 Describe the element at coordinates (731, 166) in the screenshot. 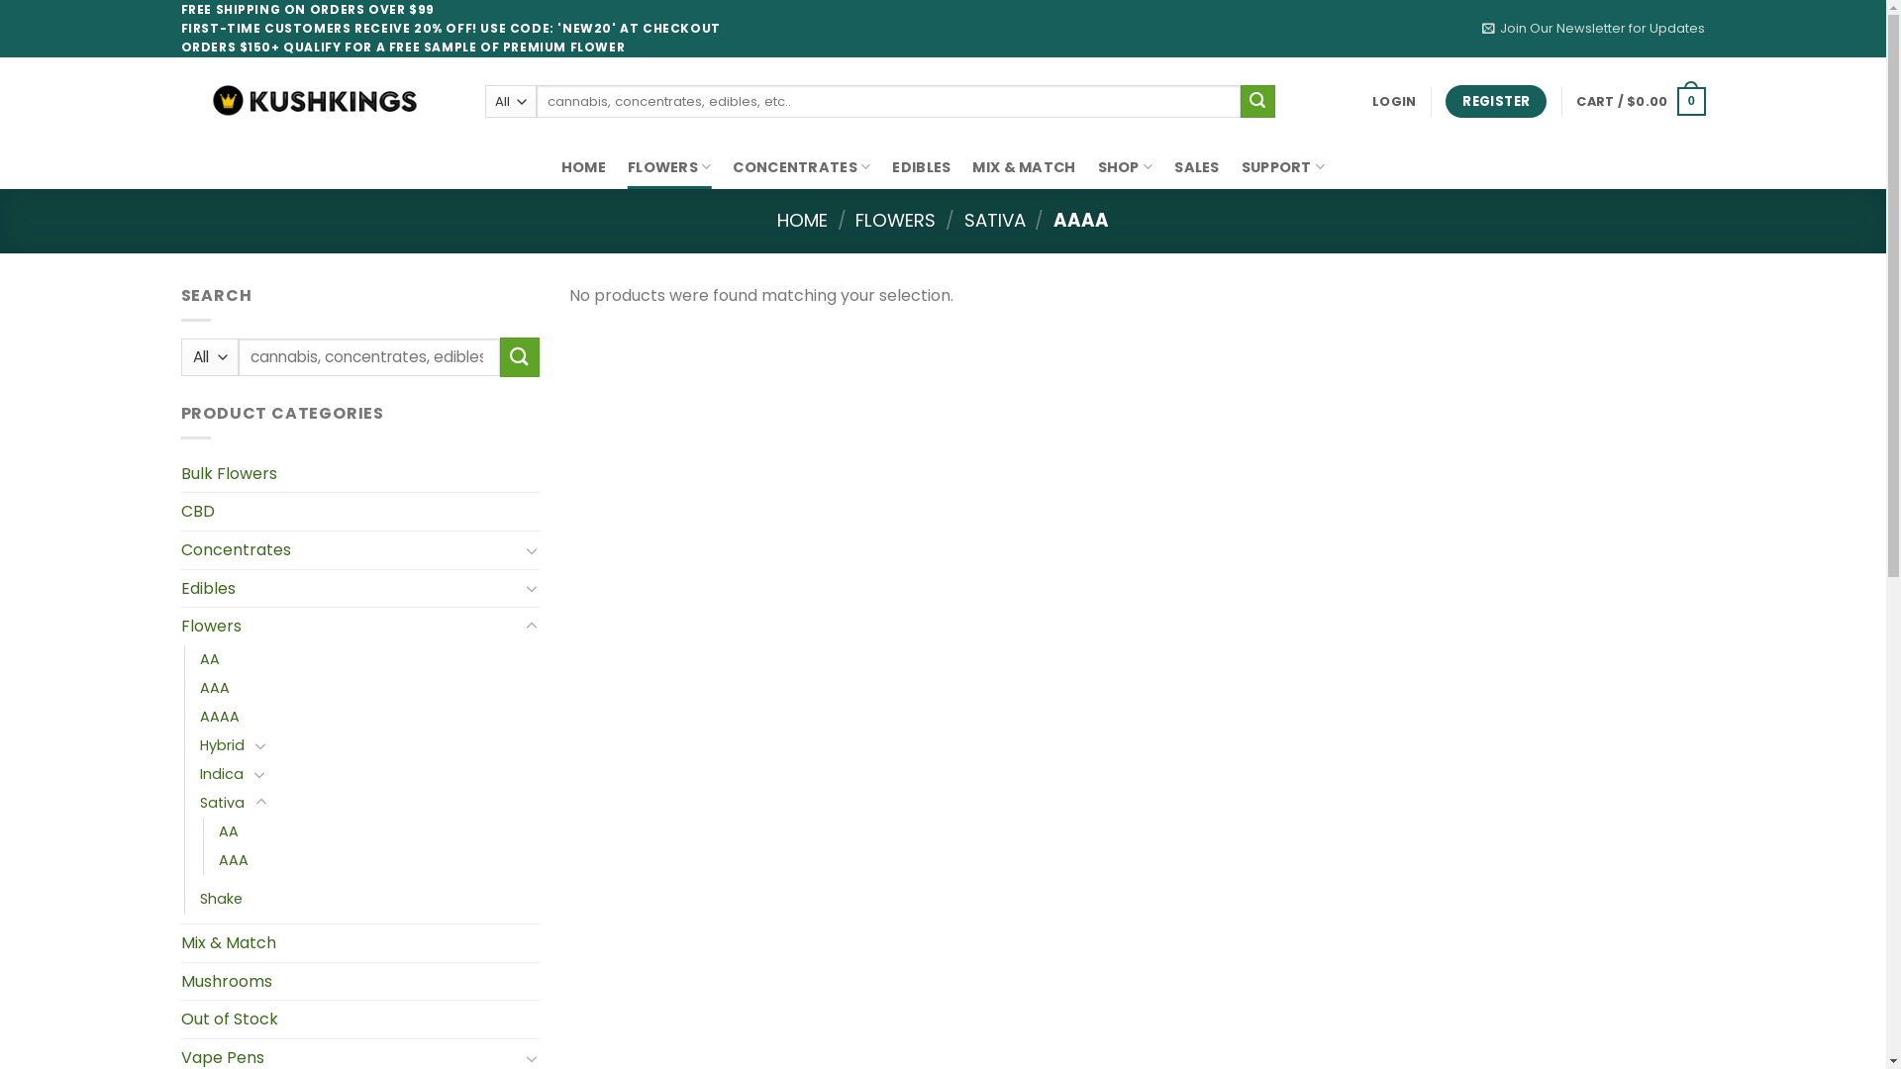

I see `'CONCENTRATES'` at that location.